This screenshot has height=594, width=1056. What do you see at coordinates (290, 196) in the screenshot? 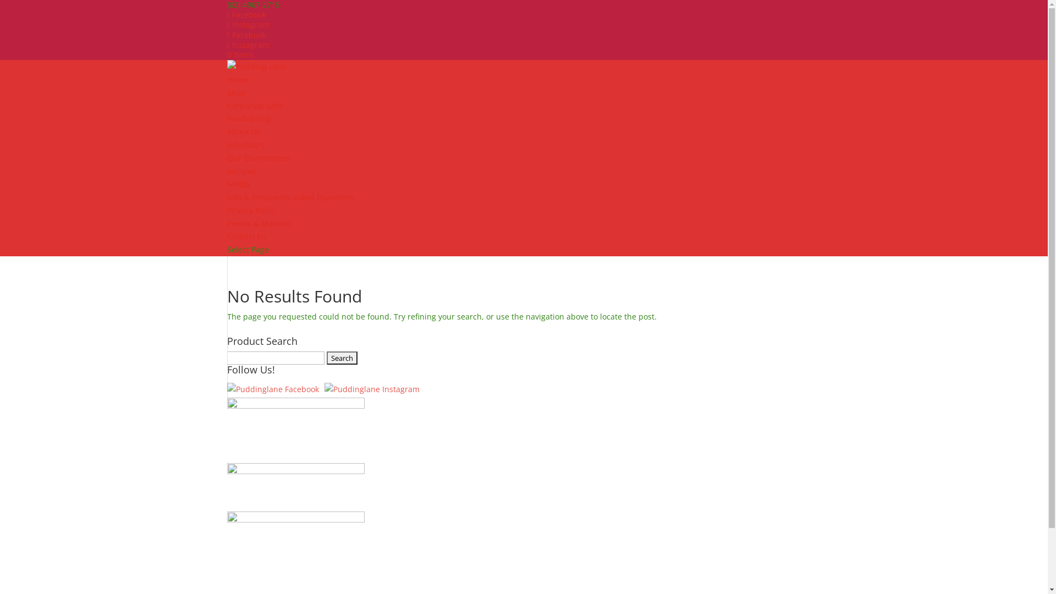
I see `'Info & Frequently asked Questions'` at bounding box center [290, 196].